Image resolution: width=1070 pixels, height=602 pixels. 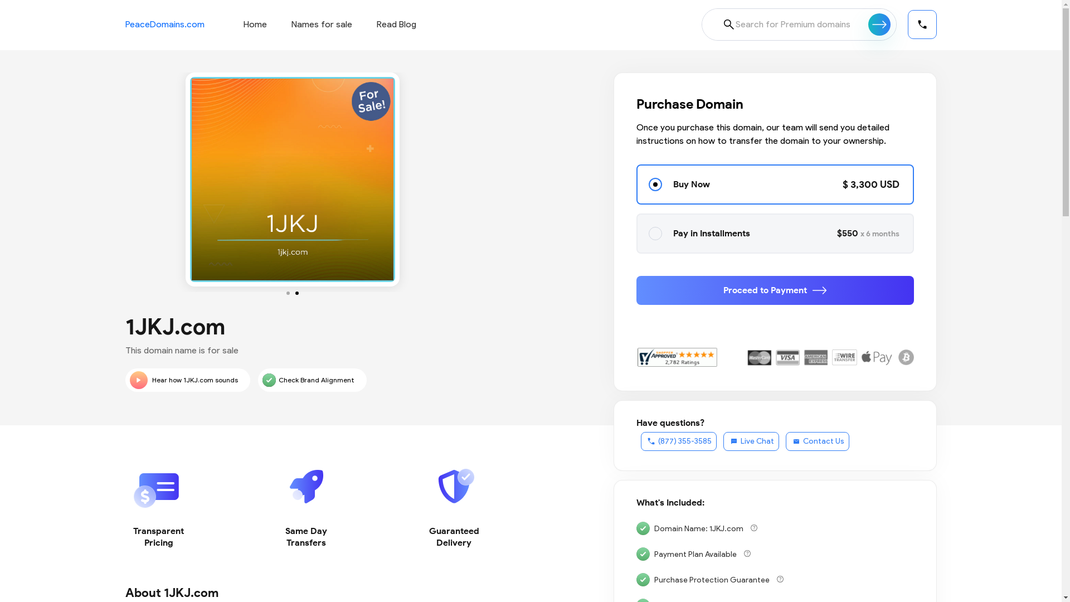 What do you see at coordinates (254, 24) in the screenshot?
I see `'Home'` at bounding box center [254, 24].